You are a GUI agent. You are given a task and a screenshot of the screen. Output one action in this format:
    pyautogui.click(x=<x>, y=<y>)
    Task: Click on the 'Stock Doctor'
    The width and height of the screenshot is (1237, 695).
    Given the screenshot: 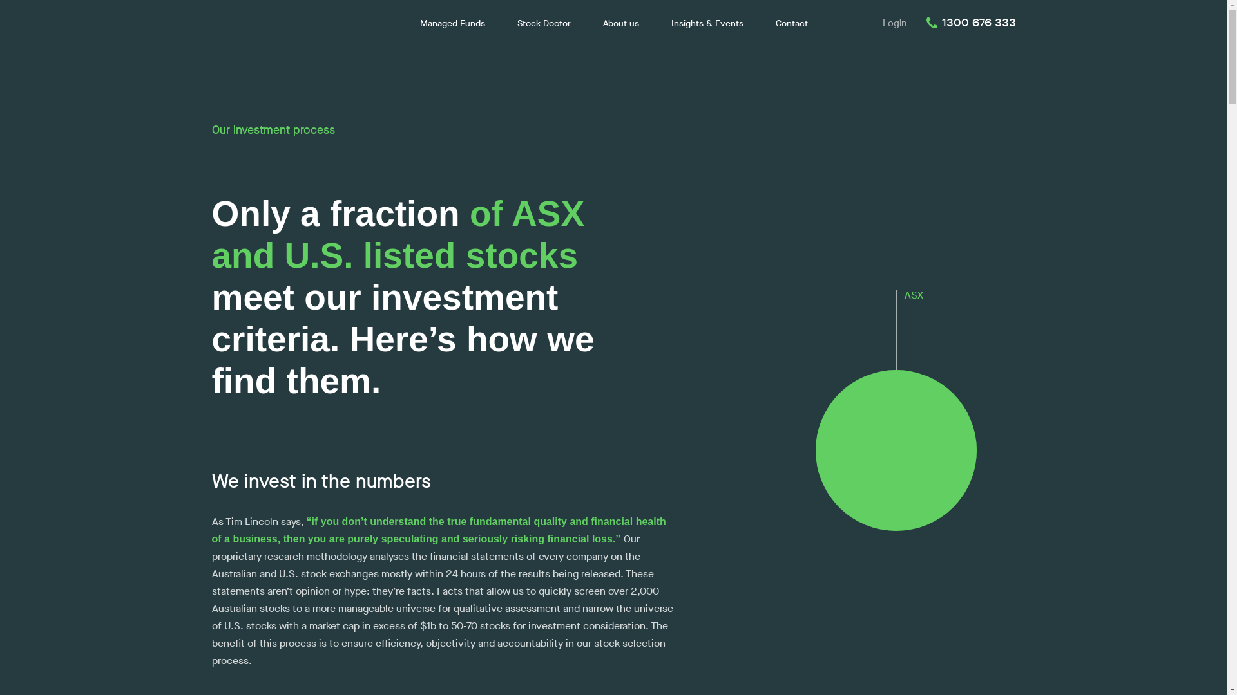 What is the action you would take?
    pyautogui.click(x=543, y=24)
    